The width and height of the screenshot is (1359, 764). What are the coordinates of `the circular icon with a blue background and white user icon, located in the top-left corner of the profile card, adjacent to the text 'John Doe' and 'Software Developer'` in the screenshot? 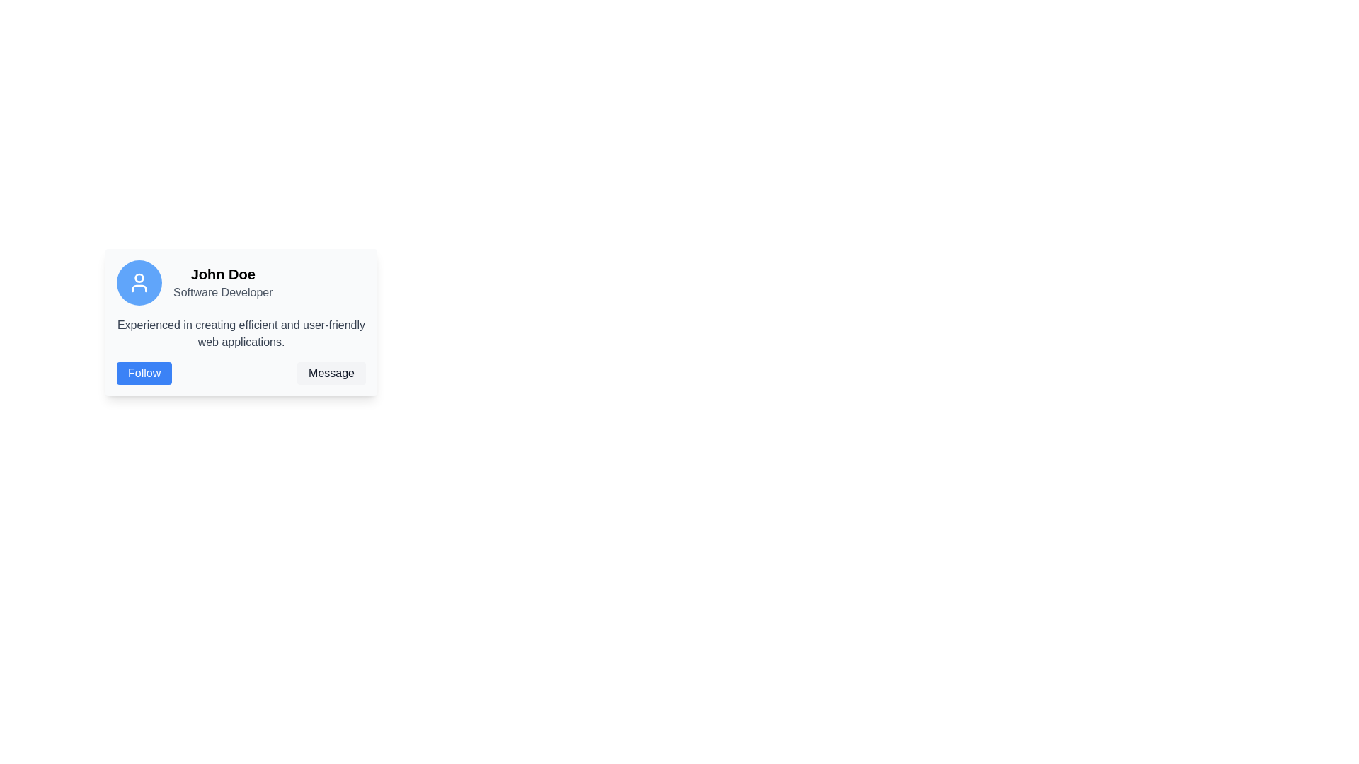 It's located at (139, 283).